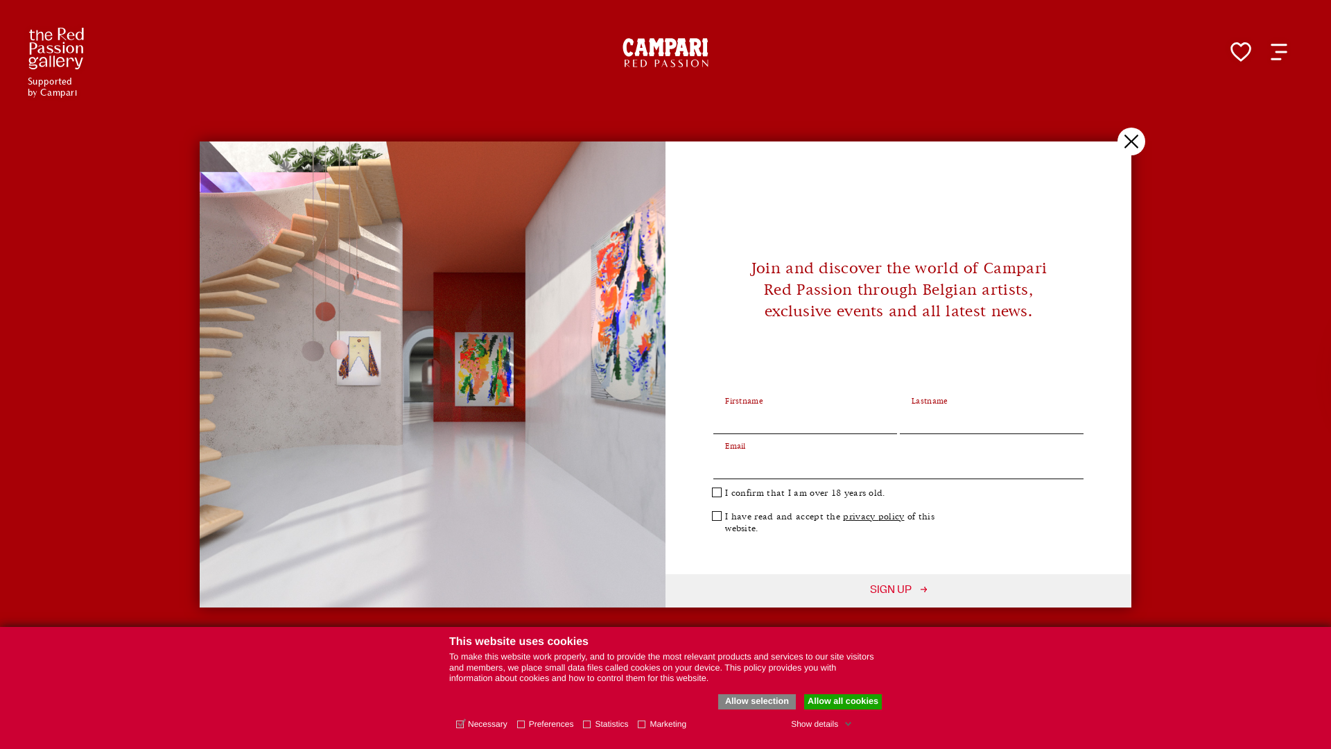  Describe the element at coordinates (1241, 51) in the screenshot. I see `'My favorite page'` at that location.